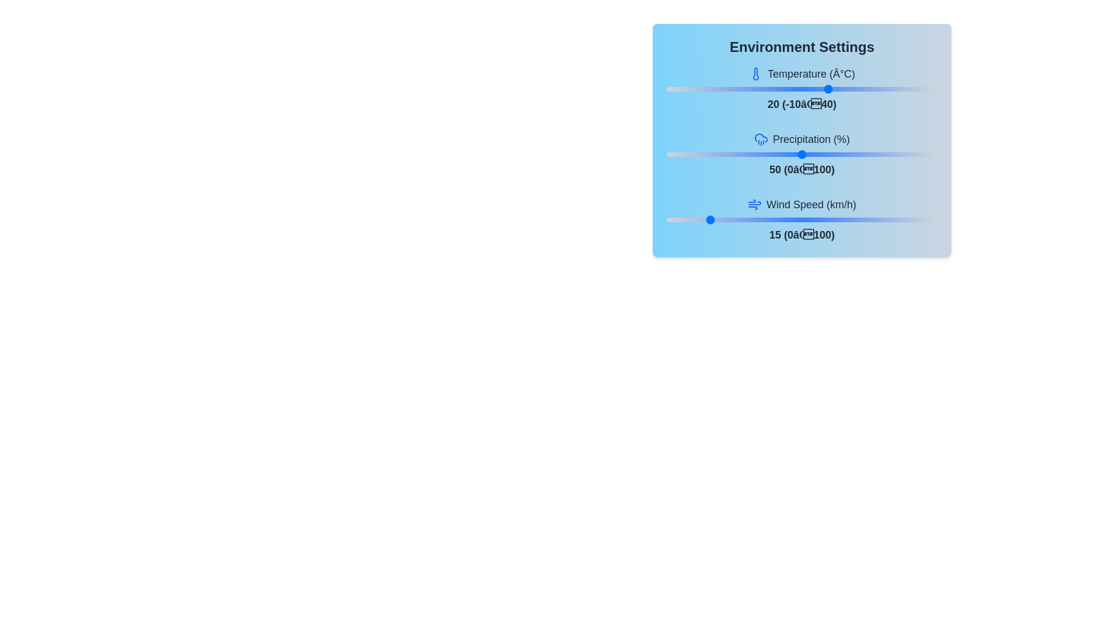 The height and width of the screenshot is (630, 1120). What do you see at coordinates (801, 47) in the screenshot?
I see `the Text label that serves as the title for the environment settings interface, positioned at the upper edge of the card` at bounding box center [801, 47].